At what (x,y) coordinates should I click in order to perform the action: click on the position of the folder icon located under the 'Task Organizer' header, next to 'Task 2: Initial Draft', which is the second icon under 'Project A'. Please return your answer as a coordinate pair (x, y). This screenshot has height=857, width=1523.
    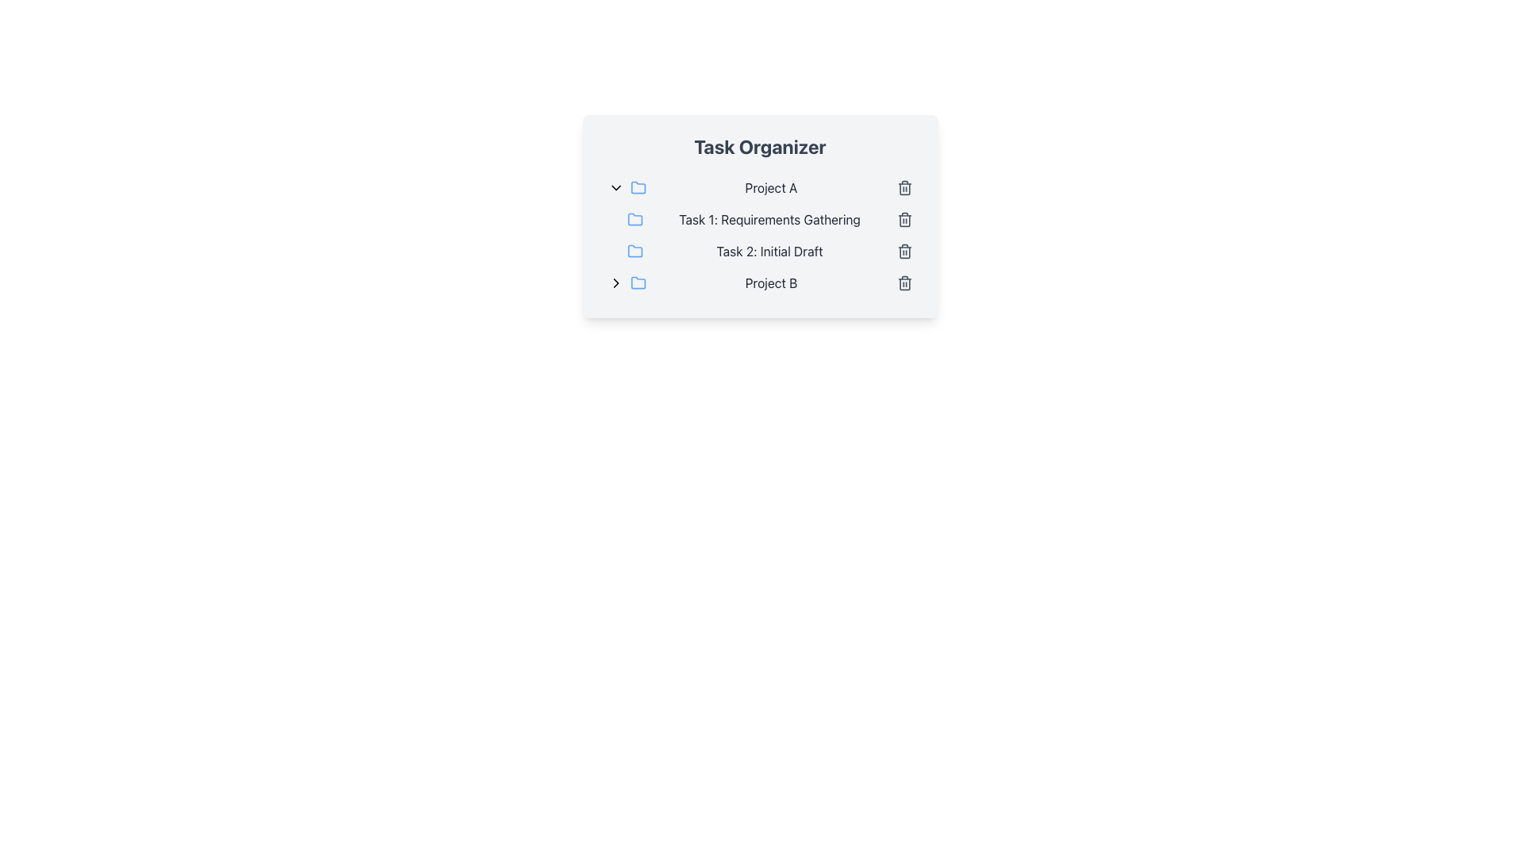
    Looking at the image, I should click on (635, 250).